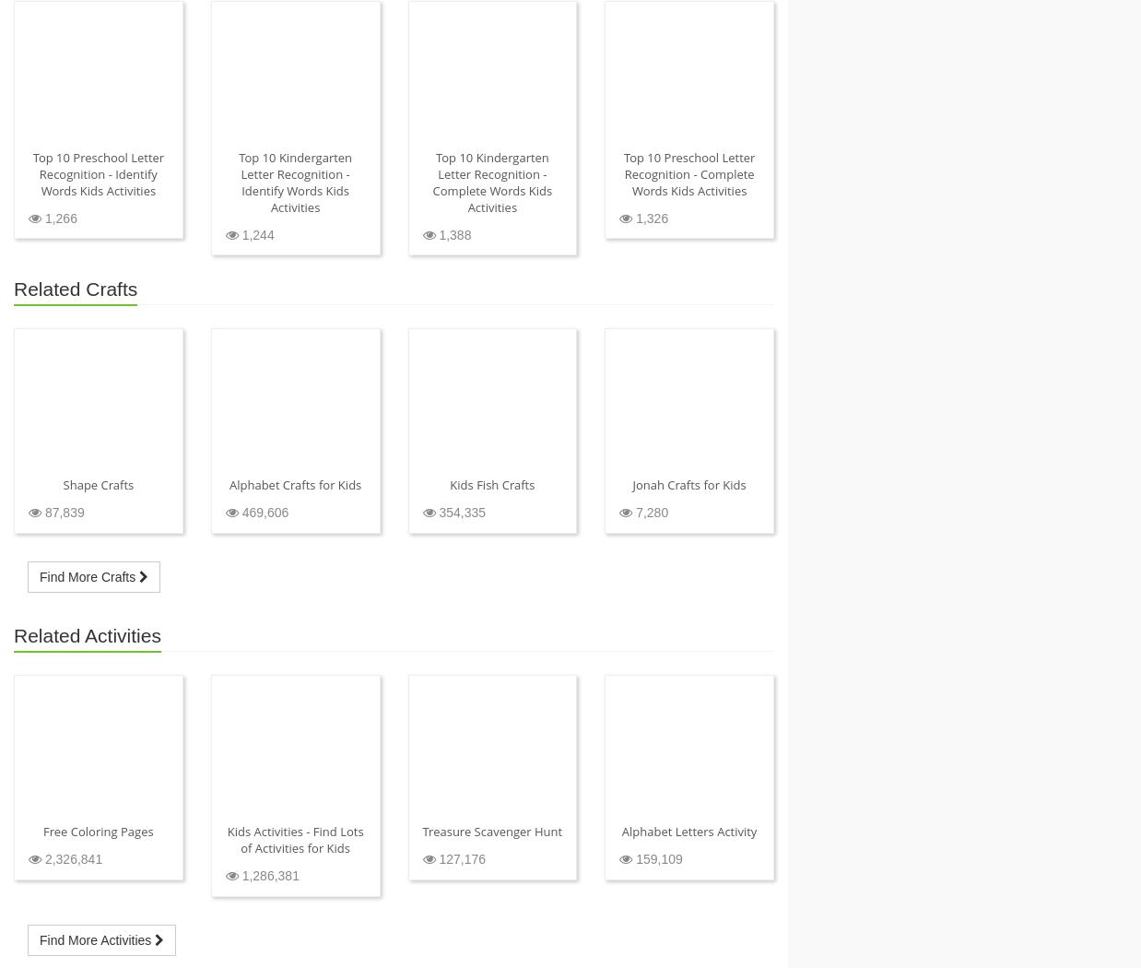 Image resolution: width=1141 pixels, height=968 pixels. I want to click on '1,286,381', so click(236, 875).